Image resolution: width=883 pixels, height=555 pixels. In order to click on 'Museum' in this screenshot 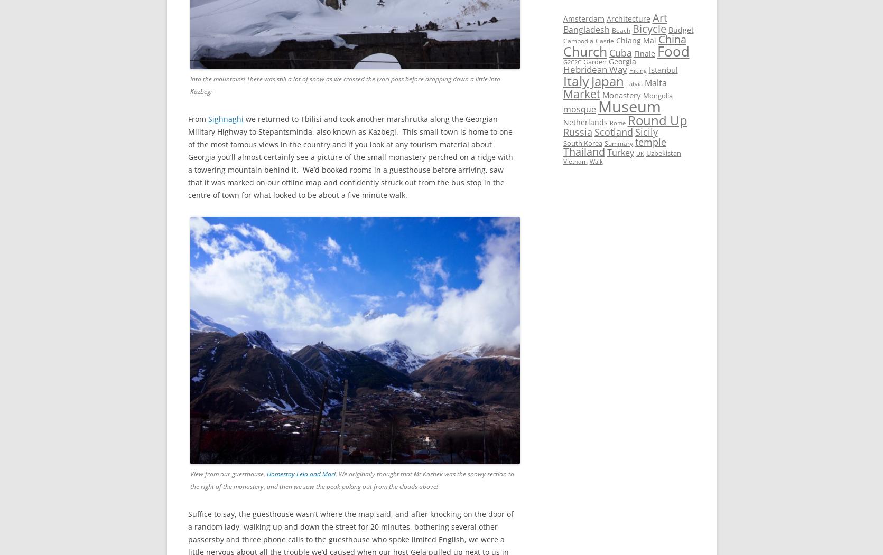, I will do `click(629, 107)`.